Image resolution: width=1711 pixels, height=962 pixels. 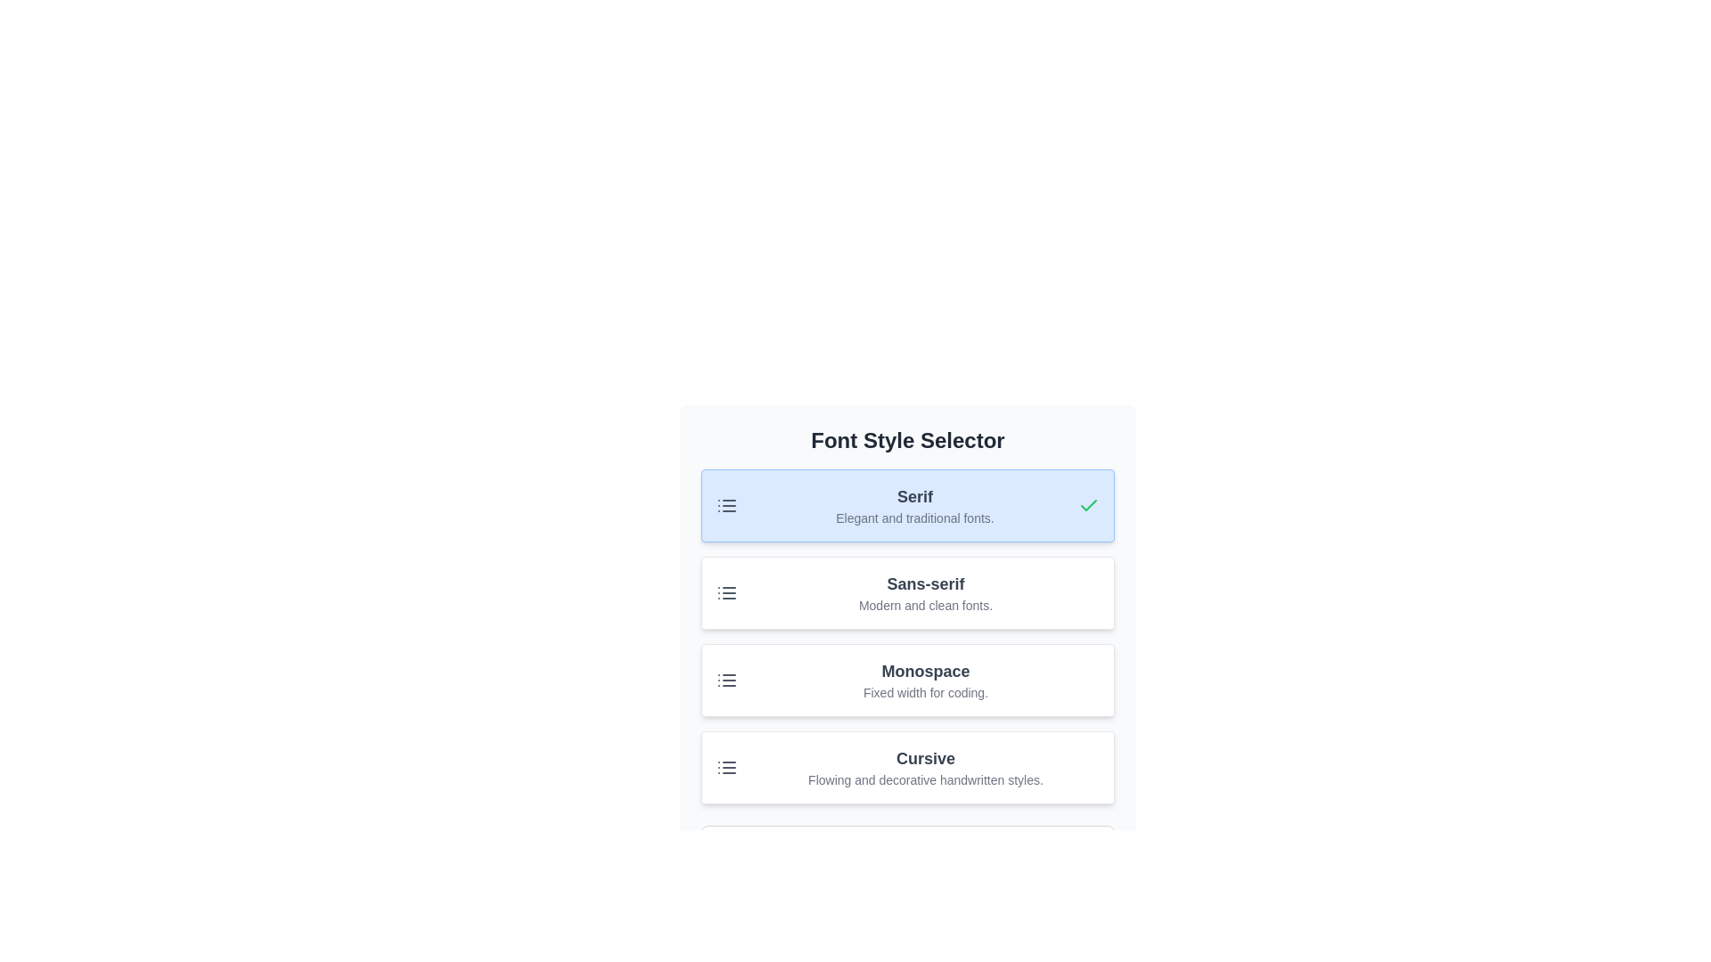 I want to click on the descriptive text label located under the 'Cursive' title in the 'Font Style Selector' section, so click(x=925, y=779).